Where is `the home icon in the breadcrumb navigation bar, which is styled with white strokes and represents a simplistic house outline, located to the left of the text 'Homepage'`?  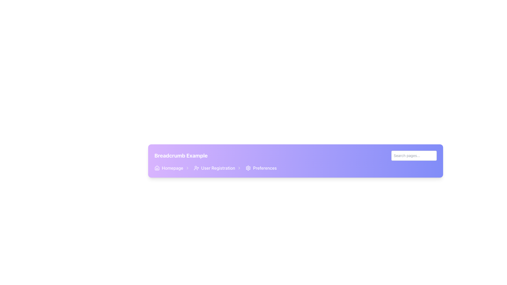 the home icon in the breadcrumb navigation bar, which is styled with white strokes and represents a simplistic house outline, located to the left of the text 'Homepage' is located at coordinates (157, 168).